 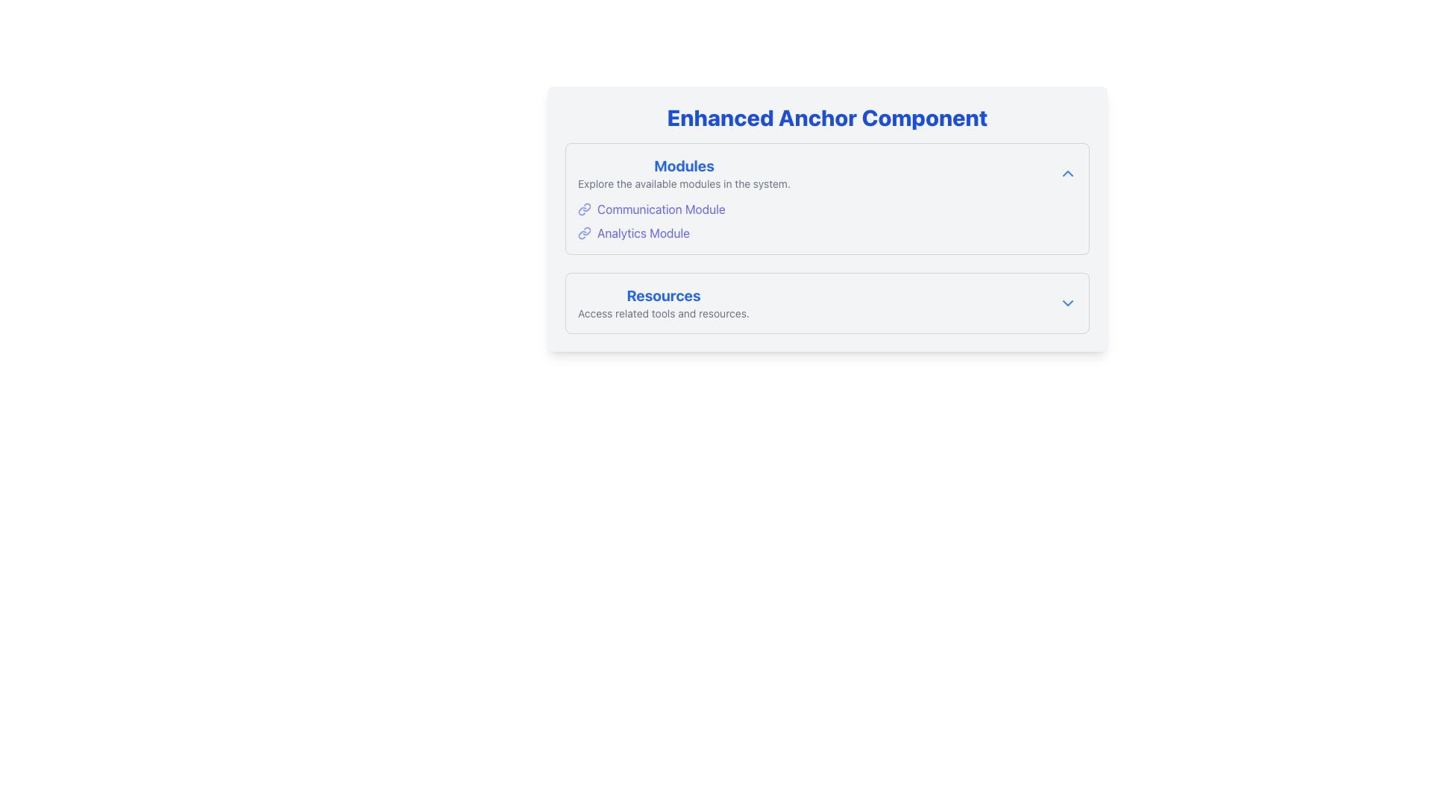 I want to click on the 'Communication Module' link icon located immediately to the left of the text within the 'Modules' section of the 'Enhanced Anchor Component' interface, so click(x=583, y=209).